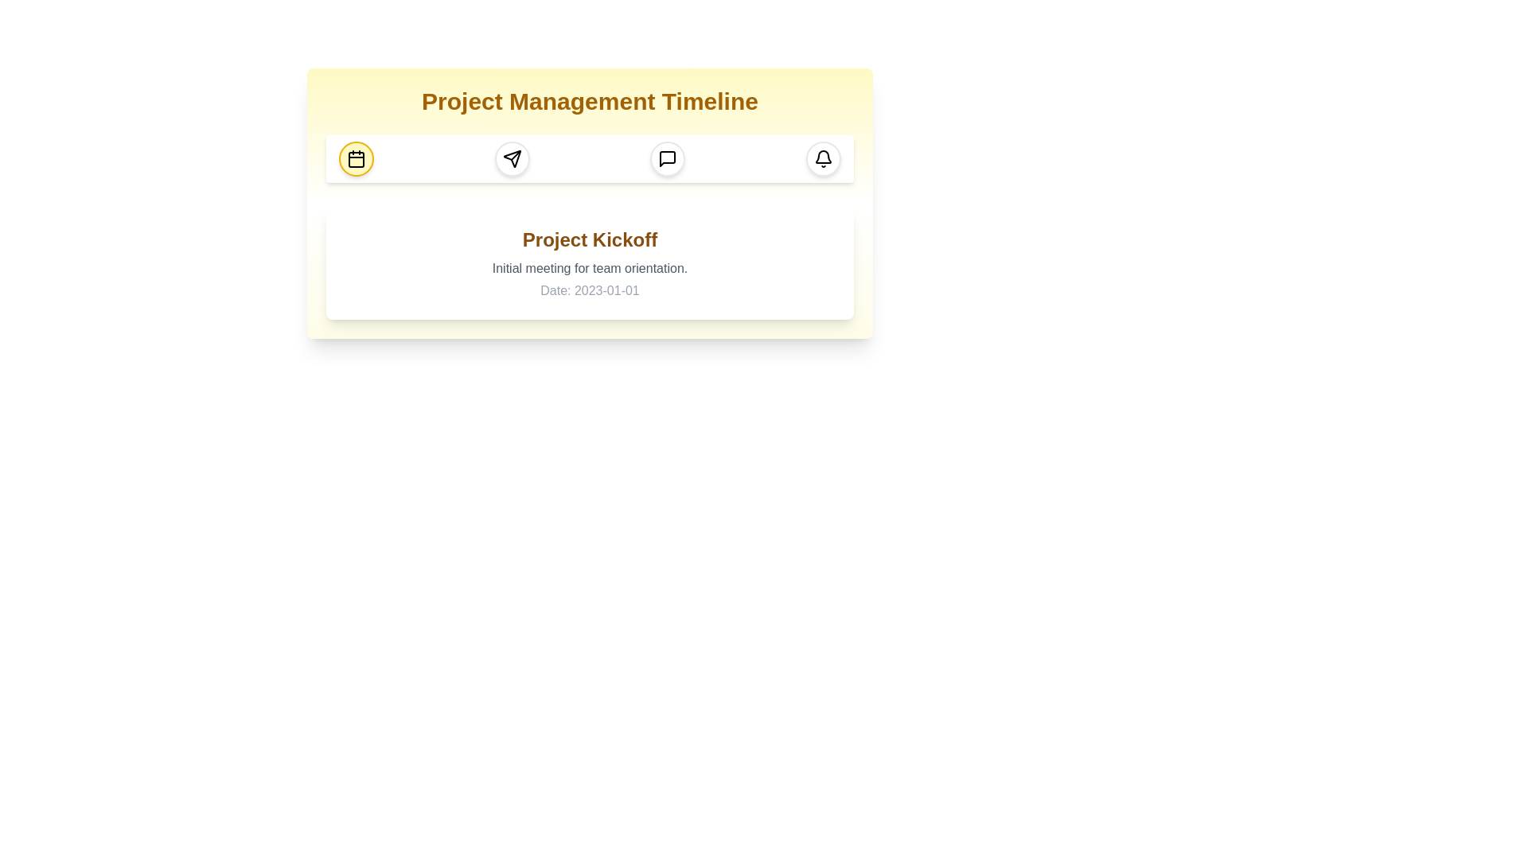  I want to click on the text element displaying 'Project Kickoff', which is a large, bold, yellow heading positioned centrally above the descriptive text and date, so click(589, 239).